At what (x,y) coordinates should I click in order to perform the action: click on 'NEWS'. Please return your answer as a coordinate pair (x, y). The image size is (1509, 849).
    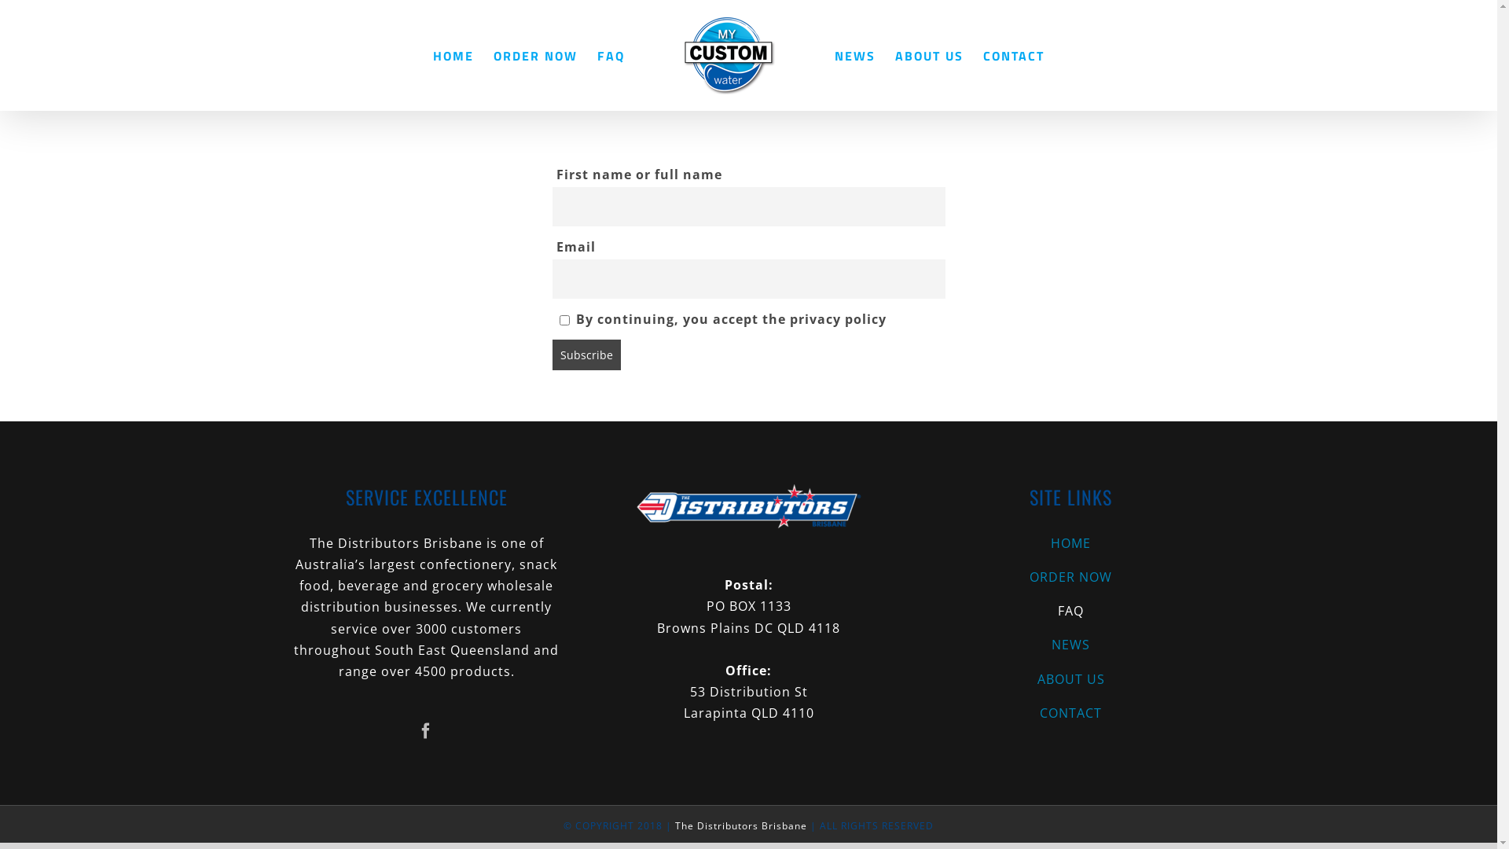
    Looking at the image, I should click on (920, 645).